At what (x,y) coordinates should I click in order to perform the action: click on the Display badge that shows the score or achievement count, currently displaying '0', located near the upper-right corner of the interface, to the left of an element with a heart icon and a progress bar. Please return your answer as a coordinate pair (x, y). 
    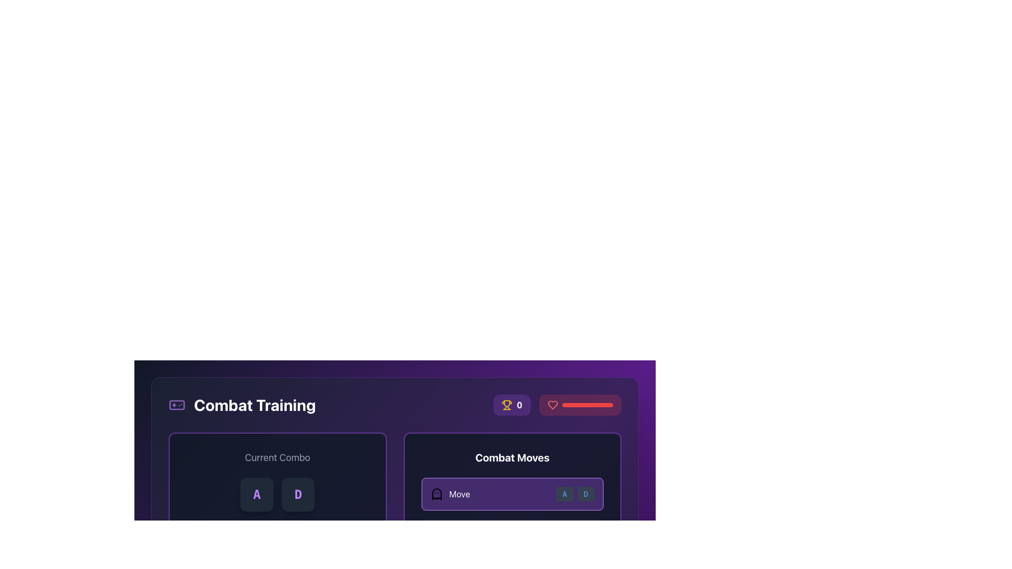
    Looking at the image, I should click on (512, 404).